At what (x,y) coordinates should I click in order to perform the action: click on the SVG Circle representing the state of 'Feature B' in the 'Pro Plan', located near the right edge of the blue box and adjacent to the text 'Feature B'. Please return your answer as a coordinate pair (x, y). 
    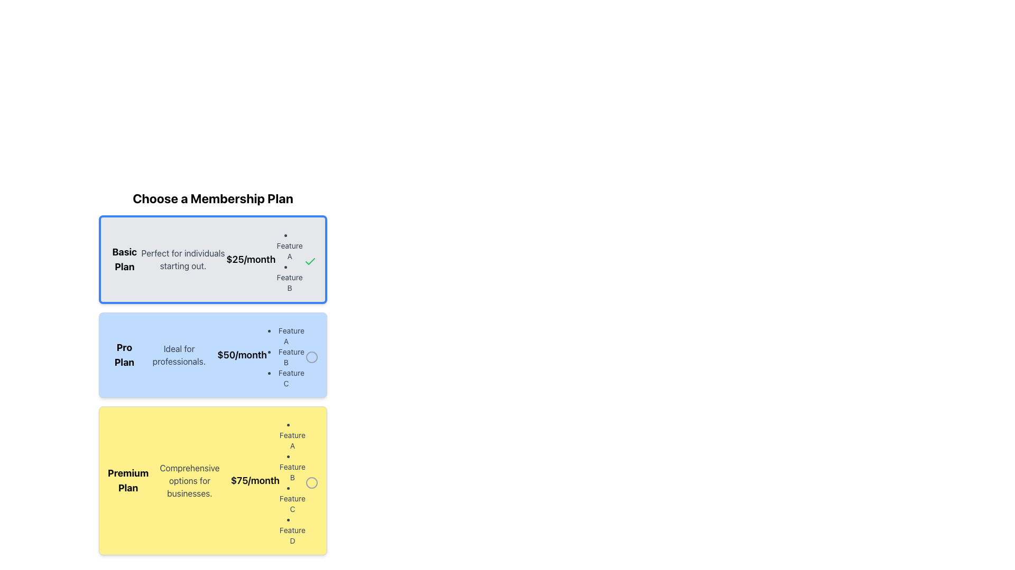
    Looking at the image, I should click on (311, 357).